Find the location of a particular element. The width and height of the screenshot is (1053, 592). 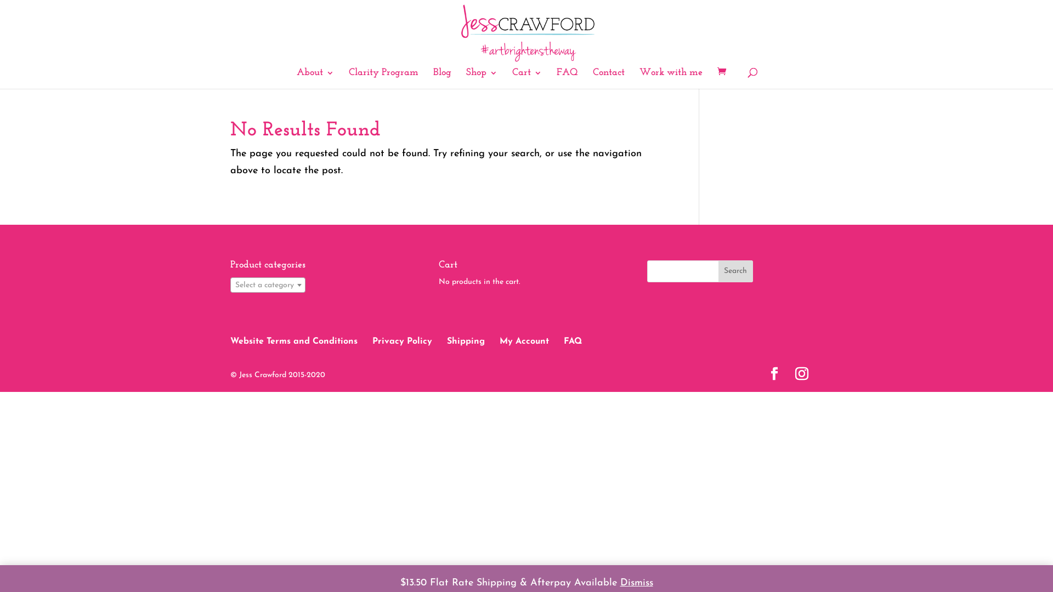

'Shop' is located at coordinates (482, 78).